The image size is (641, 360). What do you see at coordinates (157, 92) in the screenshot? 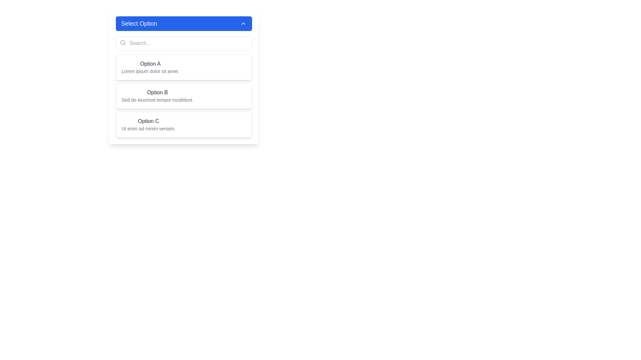
I see `the text label for 'Option B', which serves as the title for this selectable option in the dropdown interface` at bounding box center [157, 92].